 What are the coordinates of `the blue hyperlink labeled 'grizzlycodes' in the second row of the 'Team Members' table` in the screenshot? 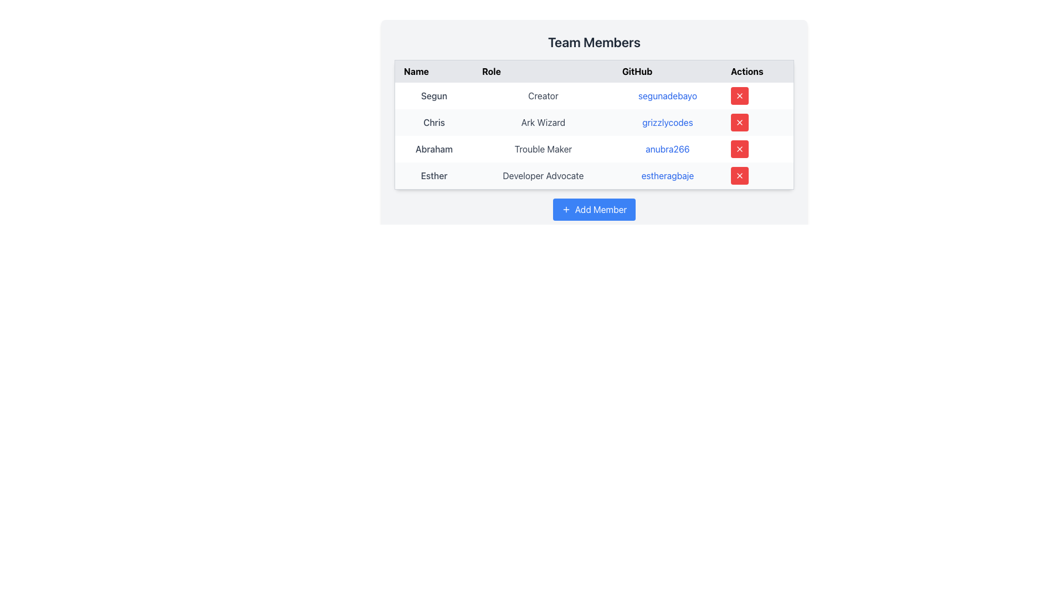 It's located at (594, 122).